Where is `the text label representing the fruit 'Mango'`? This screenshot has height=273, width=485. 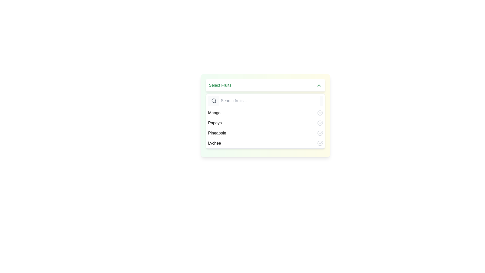
the text label representing the fruit 'Mango' is located at coordinates (214, 113).